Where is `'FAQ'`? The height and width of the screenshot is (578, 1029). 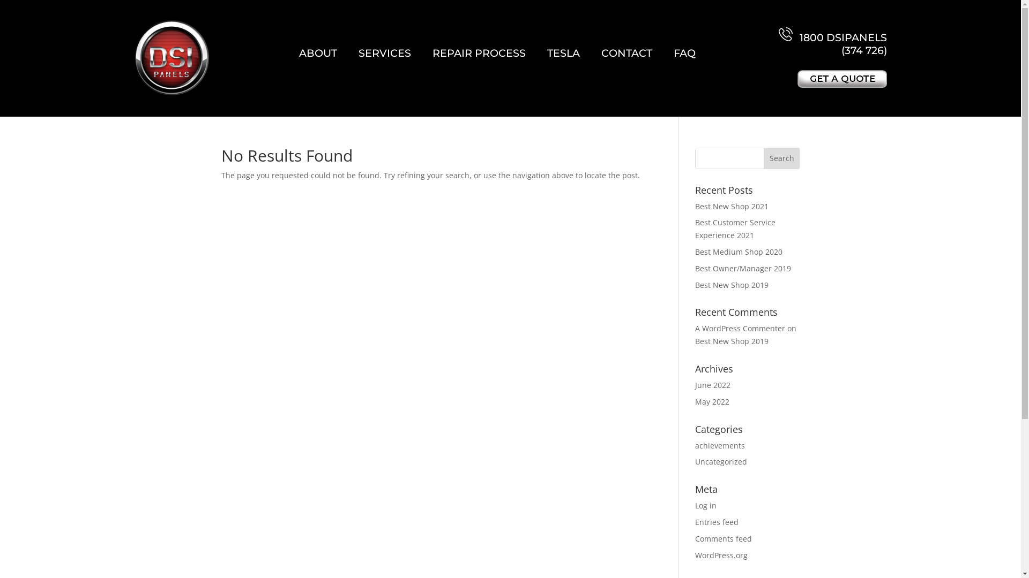
'FAQ' is located at coordinates (684, 53).